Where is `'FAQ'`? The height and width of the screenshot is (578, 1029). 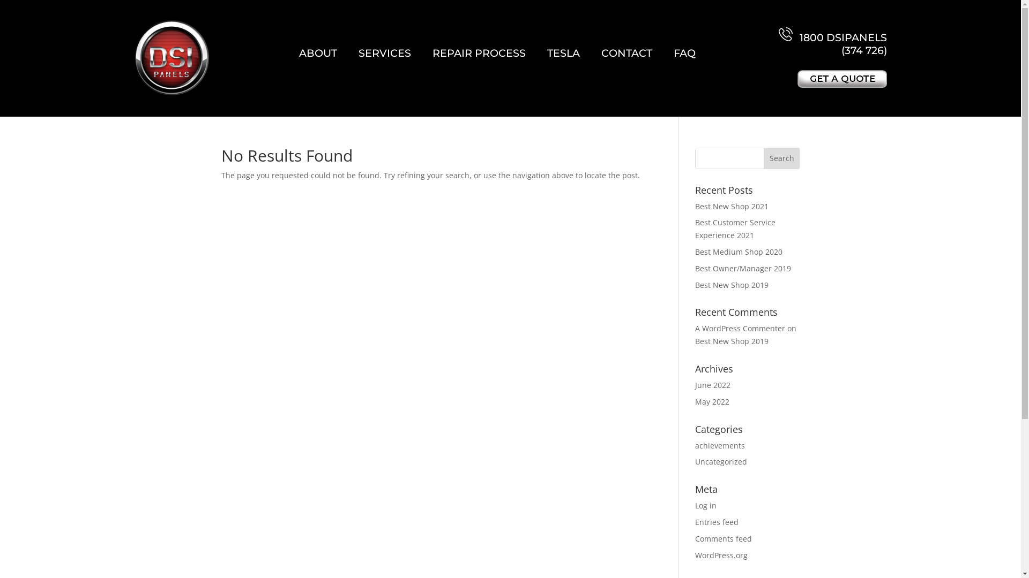
'FAQ' is located at coordinates (684, 53).